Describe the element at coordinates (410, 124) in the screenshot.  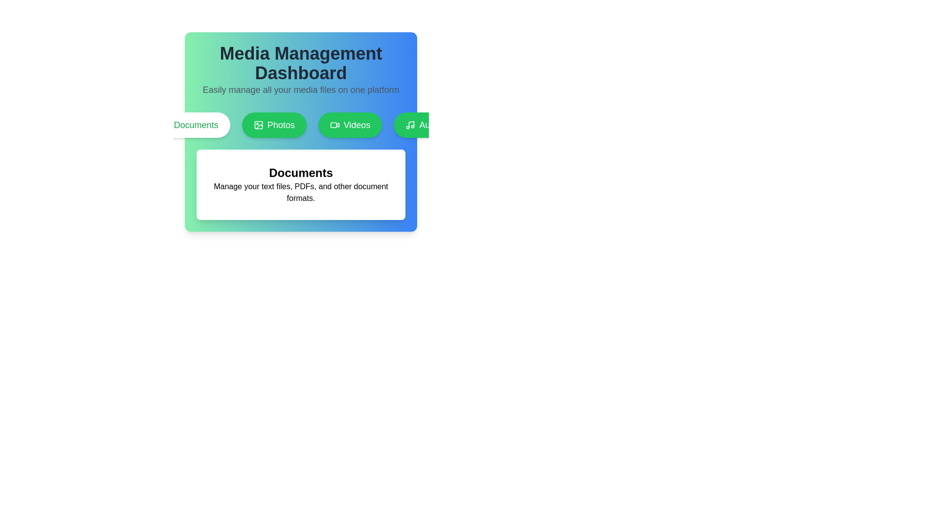
I see `the Audio icon located on the left side of the 'Audio' button within the navigation group of buttons labeled 'Documents', 'Photos', 'Videos', and 'Audio'` at that location.